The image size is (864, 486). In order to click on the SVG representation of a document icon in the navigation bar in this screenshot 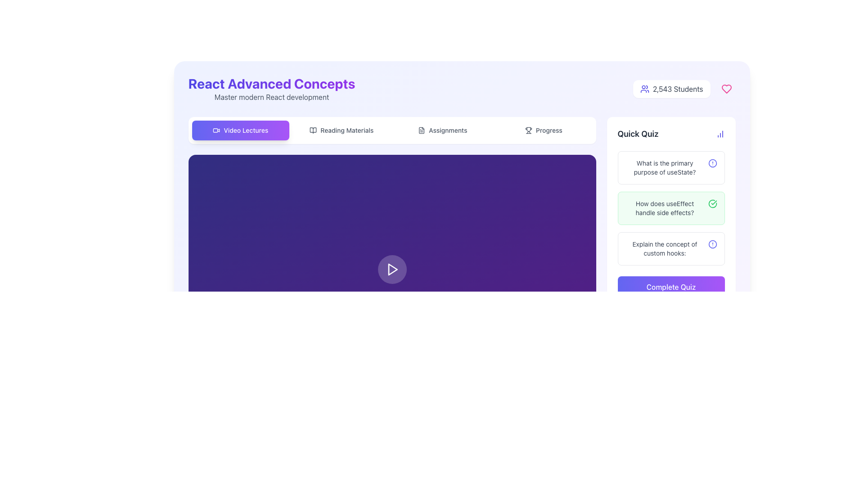, I will do `click(421, 130)`.